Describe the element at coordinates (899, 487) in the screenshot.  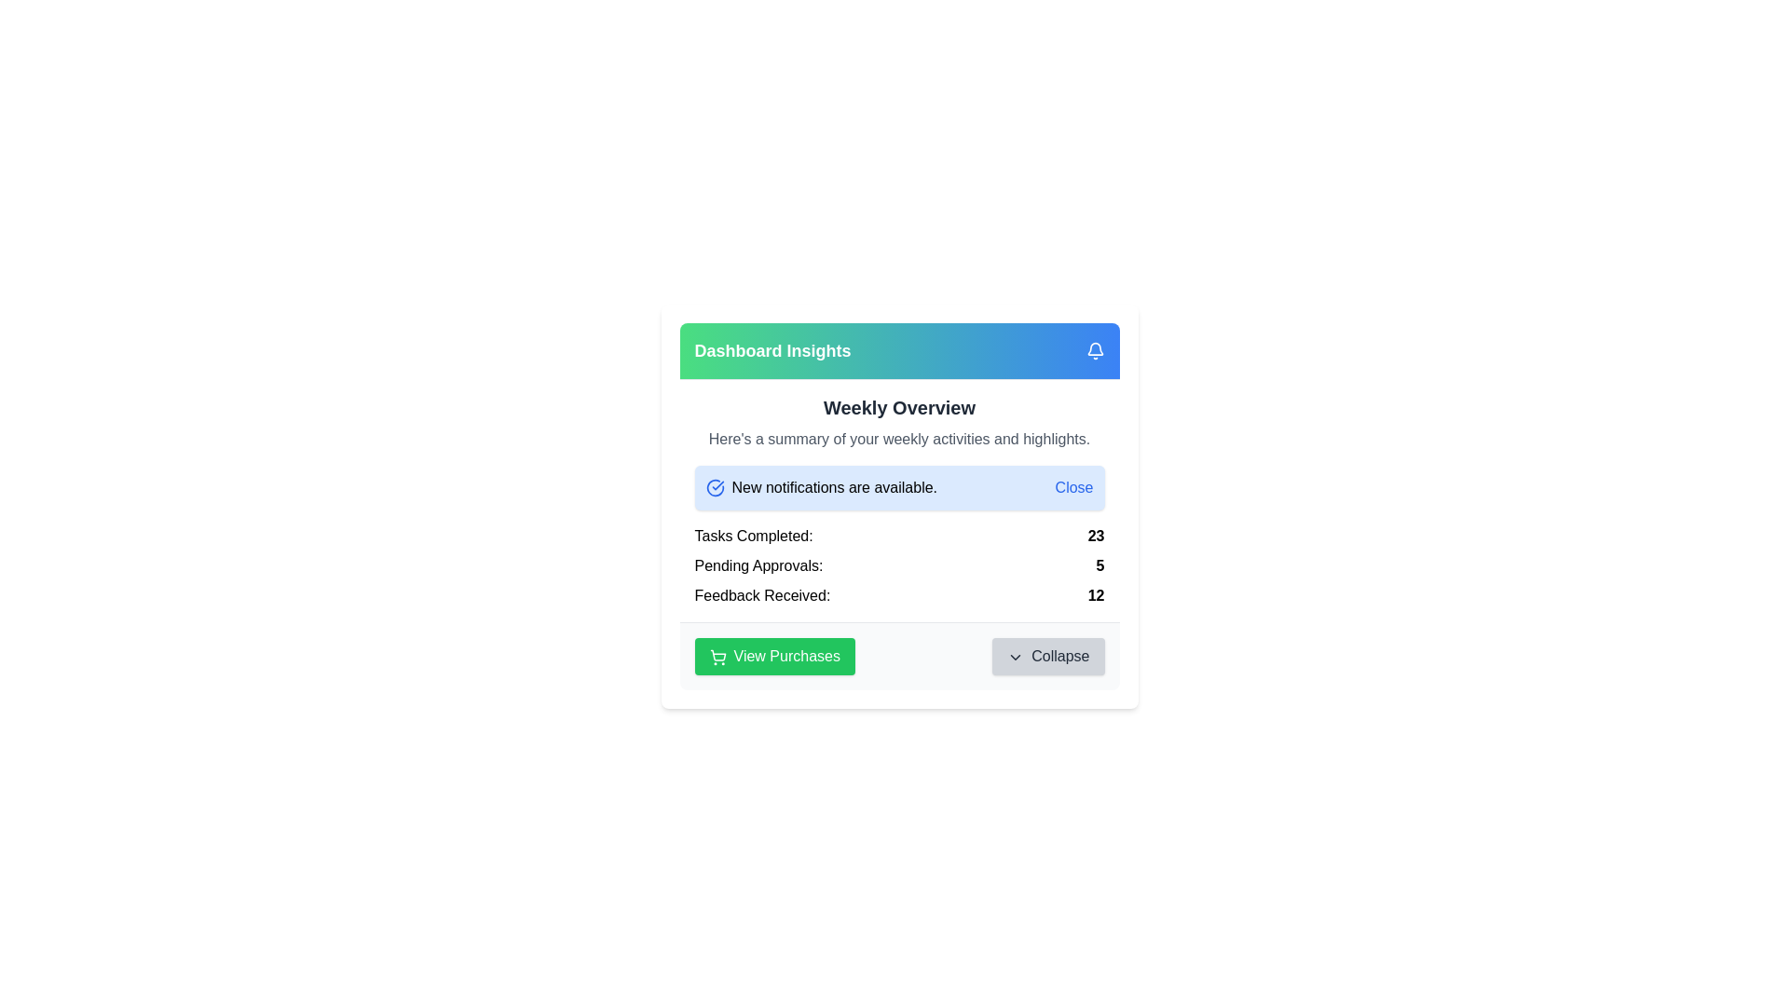
I see `the Notification banner located beneath the title 'Weekly Overview' that contains a dismiss button for alerts` at that location.